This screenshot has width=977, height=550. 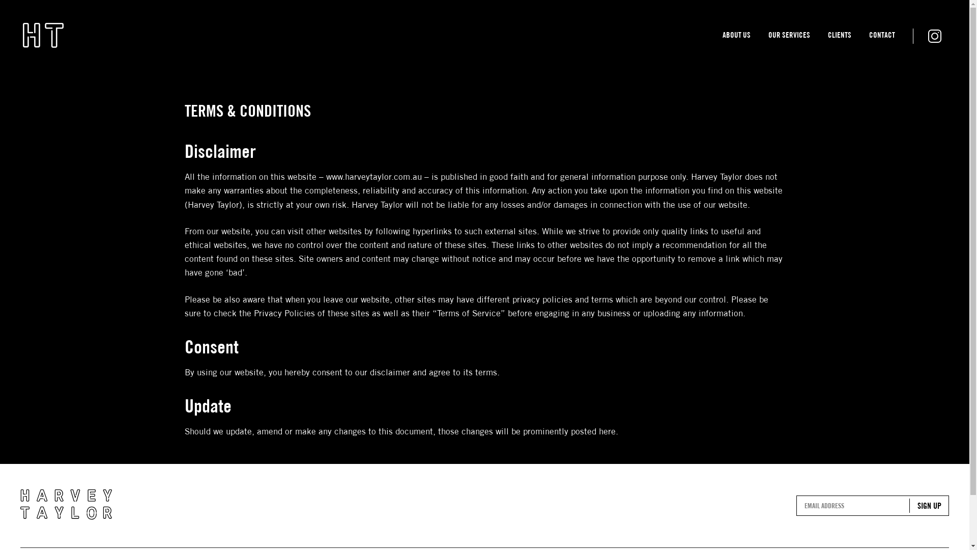 I want to click on 'OUR SERVICES', so click(x=768, y=37).